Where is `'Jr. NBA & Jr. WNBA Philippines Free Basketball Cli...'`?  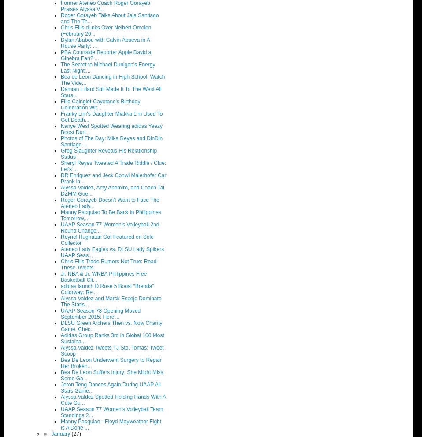
'Jr. NBA & Jr. WNBA Philippines Free Basketball Cli...' is located at coordinates (103, 276).